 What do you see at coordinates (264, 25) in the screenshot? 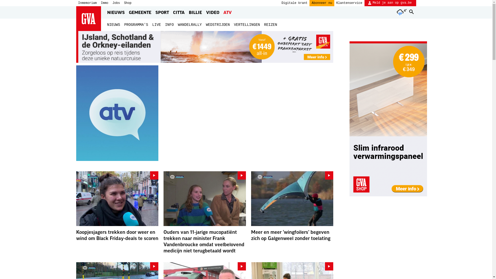
I see `'REIZEN'` at bounding box center [264, 25].